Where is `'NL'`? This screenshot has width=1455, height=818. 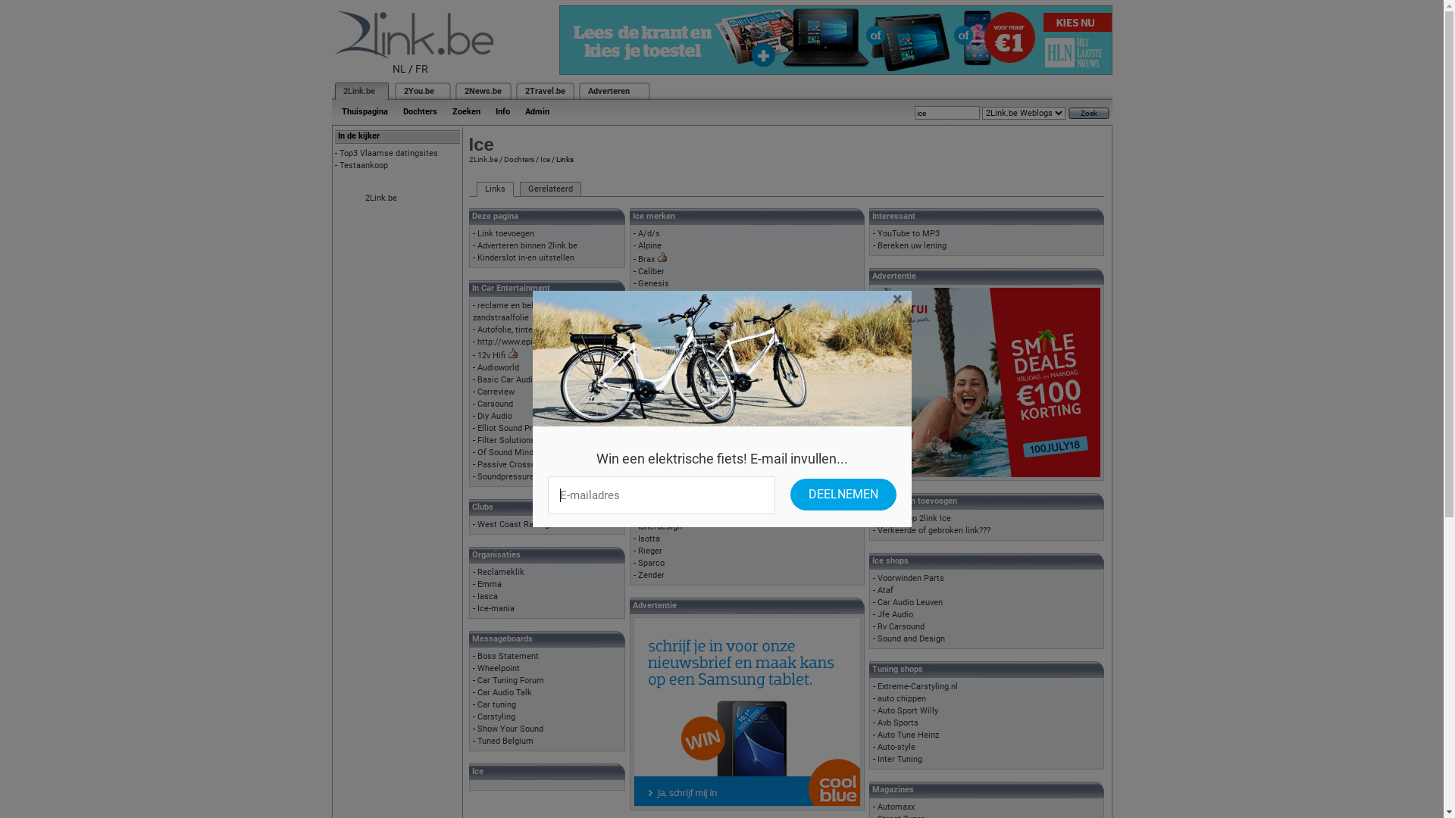
'NL' is located at coordinates (399, 69).